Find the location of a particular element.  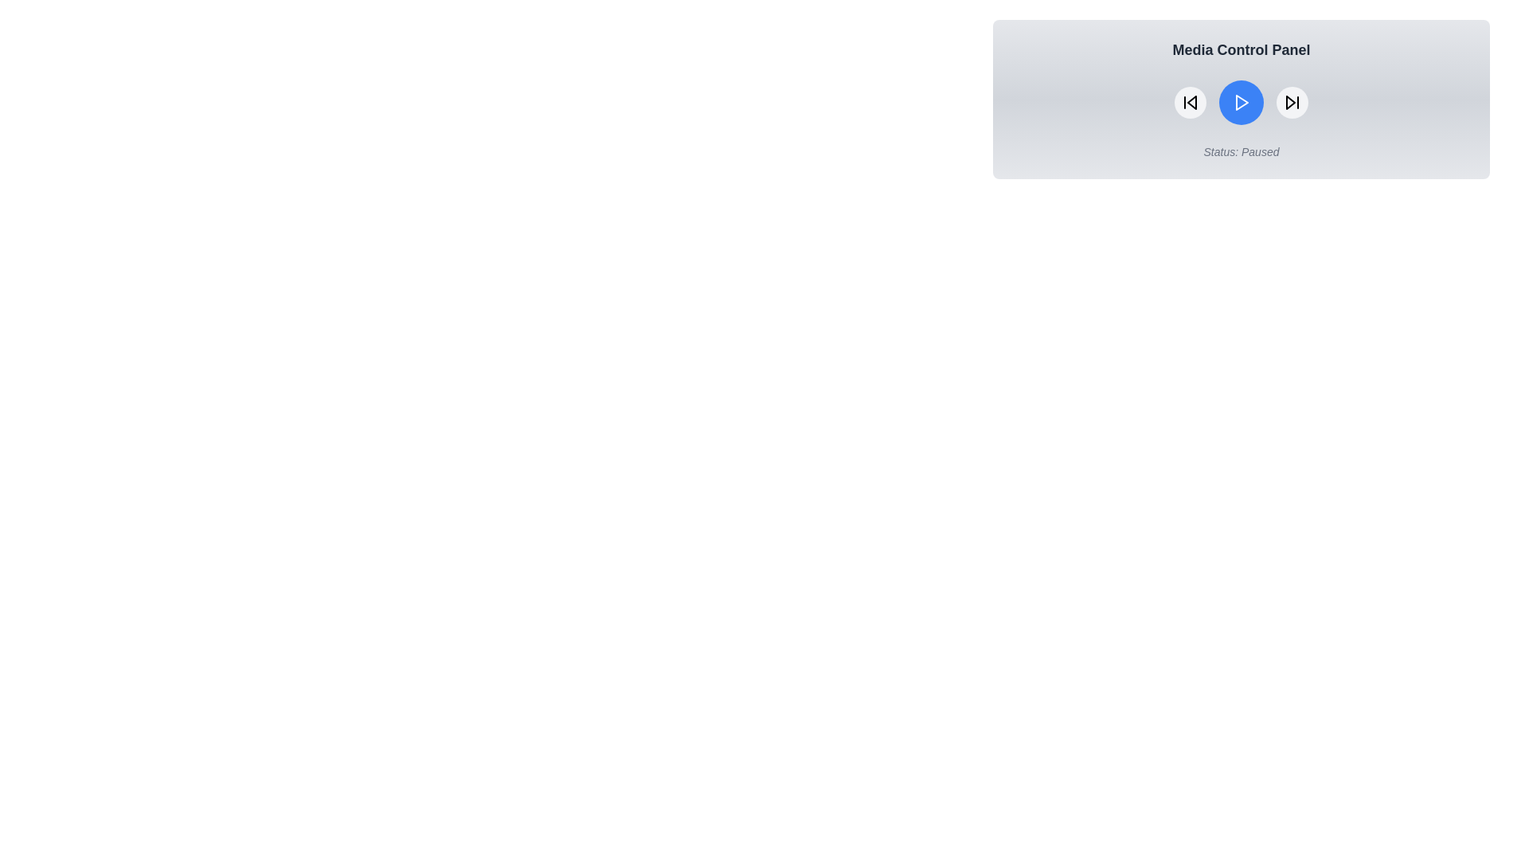

the button Play/Pause to observe its hover effect is located at coordinates (1241, 102).